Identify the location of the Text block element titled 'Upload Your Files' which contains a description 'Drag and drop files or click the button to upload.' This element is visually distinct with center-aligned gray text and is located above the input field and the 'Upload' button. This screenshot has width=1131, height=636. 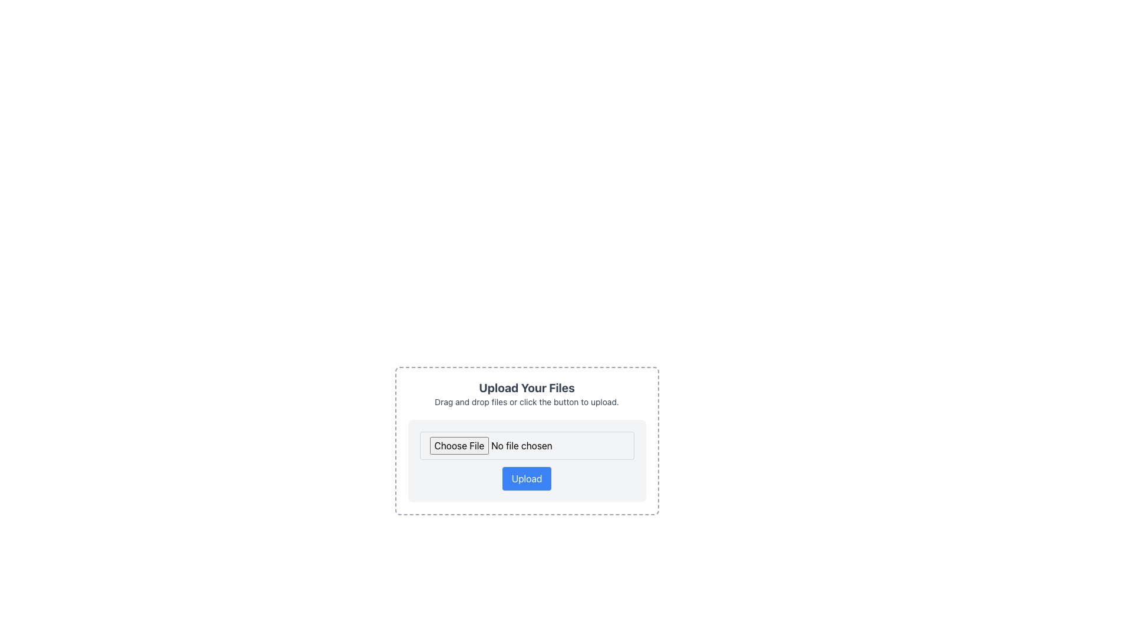
(526, 393).